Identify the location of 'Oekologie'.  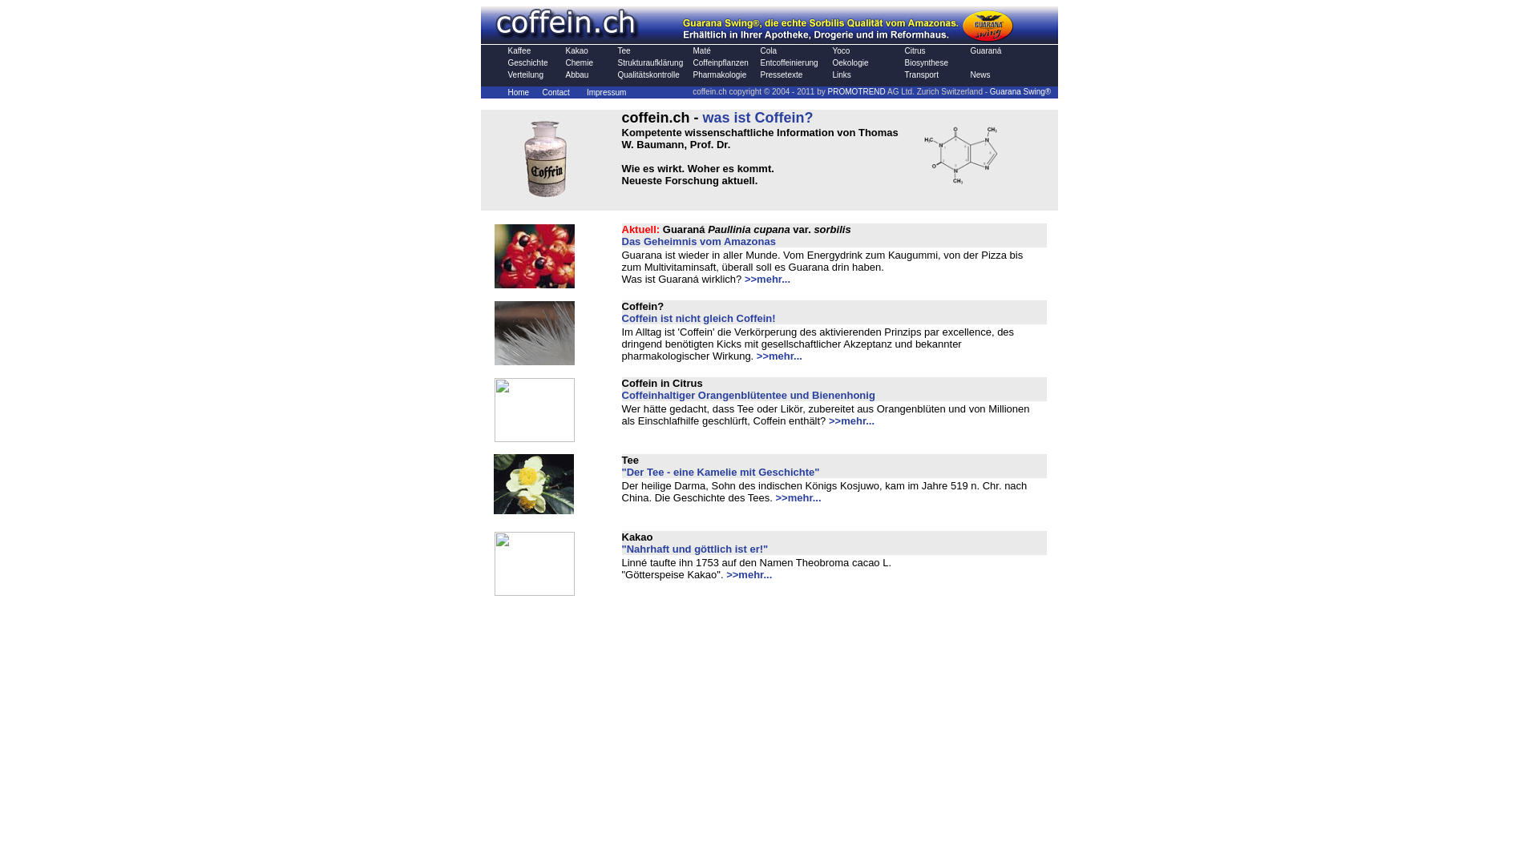
(849, 62).